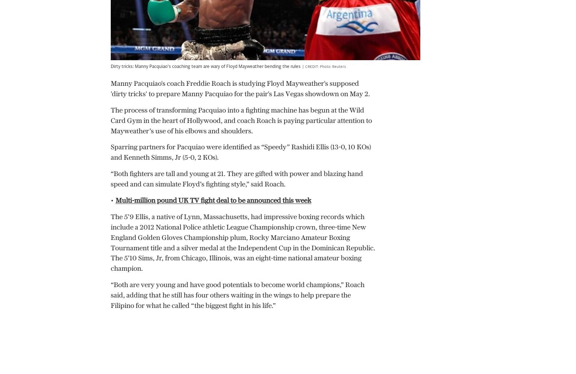 Image resolution: width=576 pixels, height=374 pixels. Describe the element at coordinates (43, 339) in the screenshot. I see `'Terms and Conditions'` at that location.